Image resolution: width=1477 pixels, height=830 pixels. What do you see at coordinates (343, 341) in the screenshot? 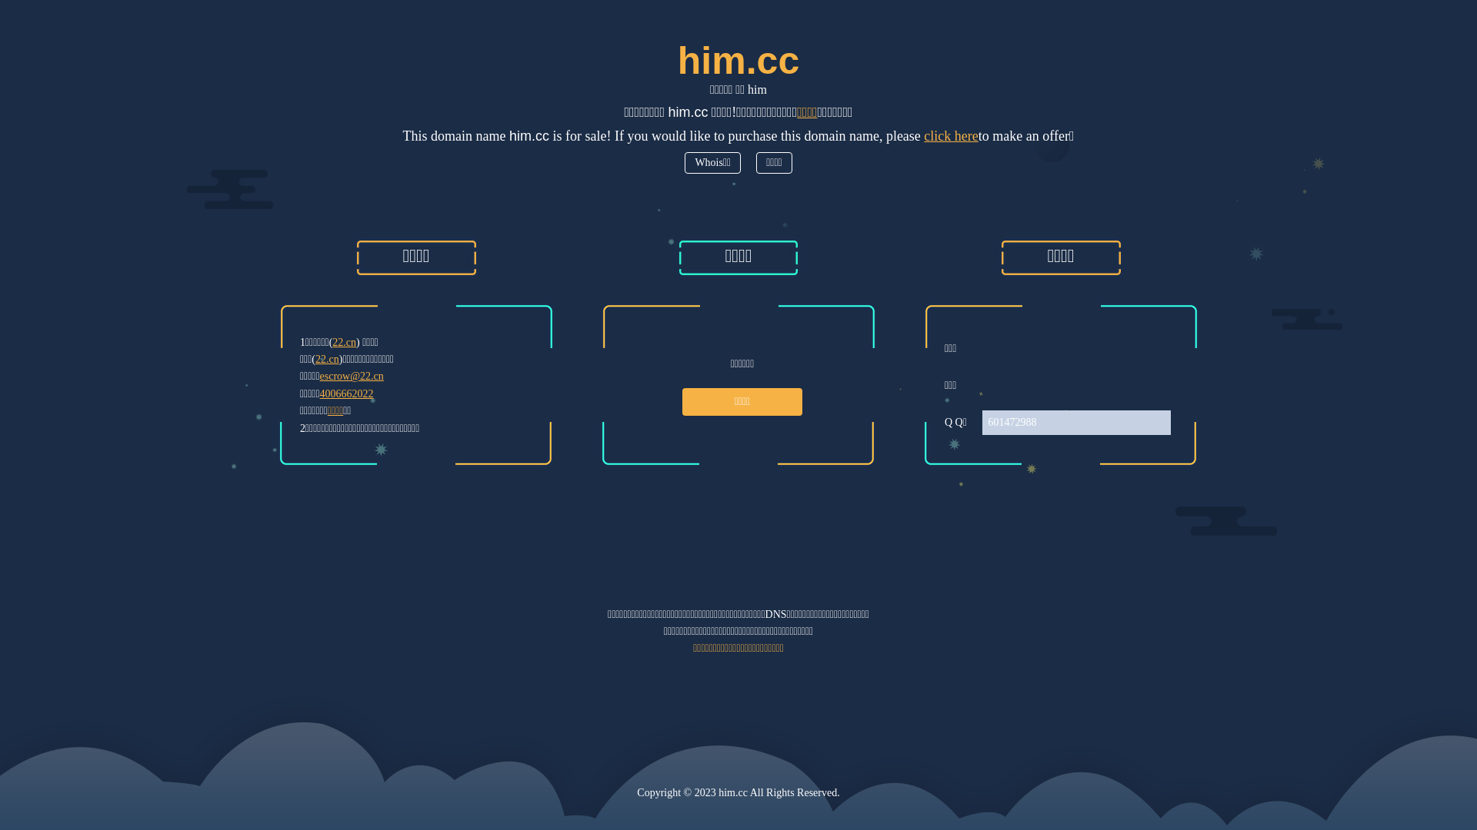
I see `'22.cn'` at bounding box center [343, 341].